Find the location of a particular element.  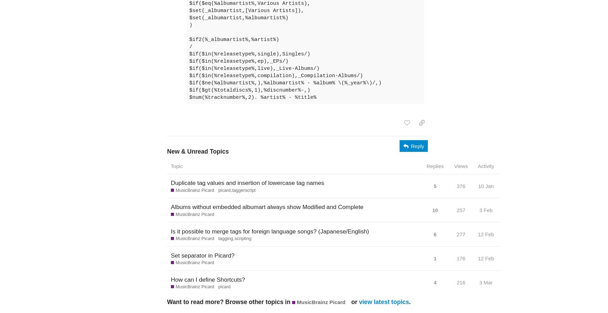

'Duplicate tag values and insertion of lowercase tag names' is located at coordinates (170, 183).